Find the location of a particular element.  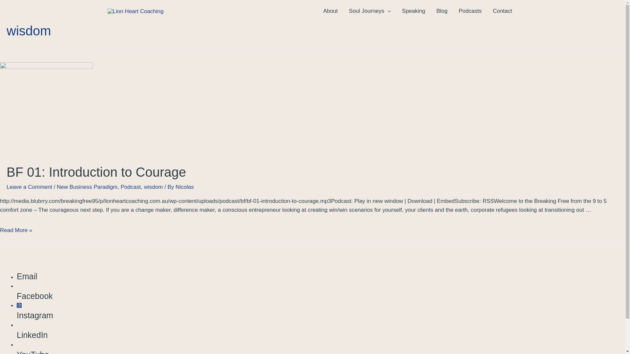

'BF 01: Introduction to Courage' is located at coordinates (96, 171).